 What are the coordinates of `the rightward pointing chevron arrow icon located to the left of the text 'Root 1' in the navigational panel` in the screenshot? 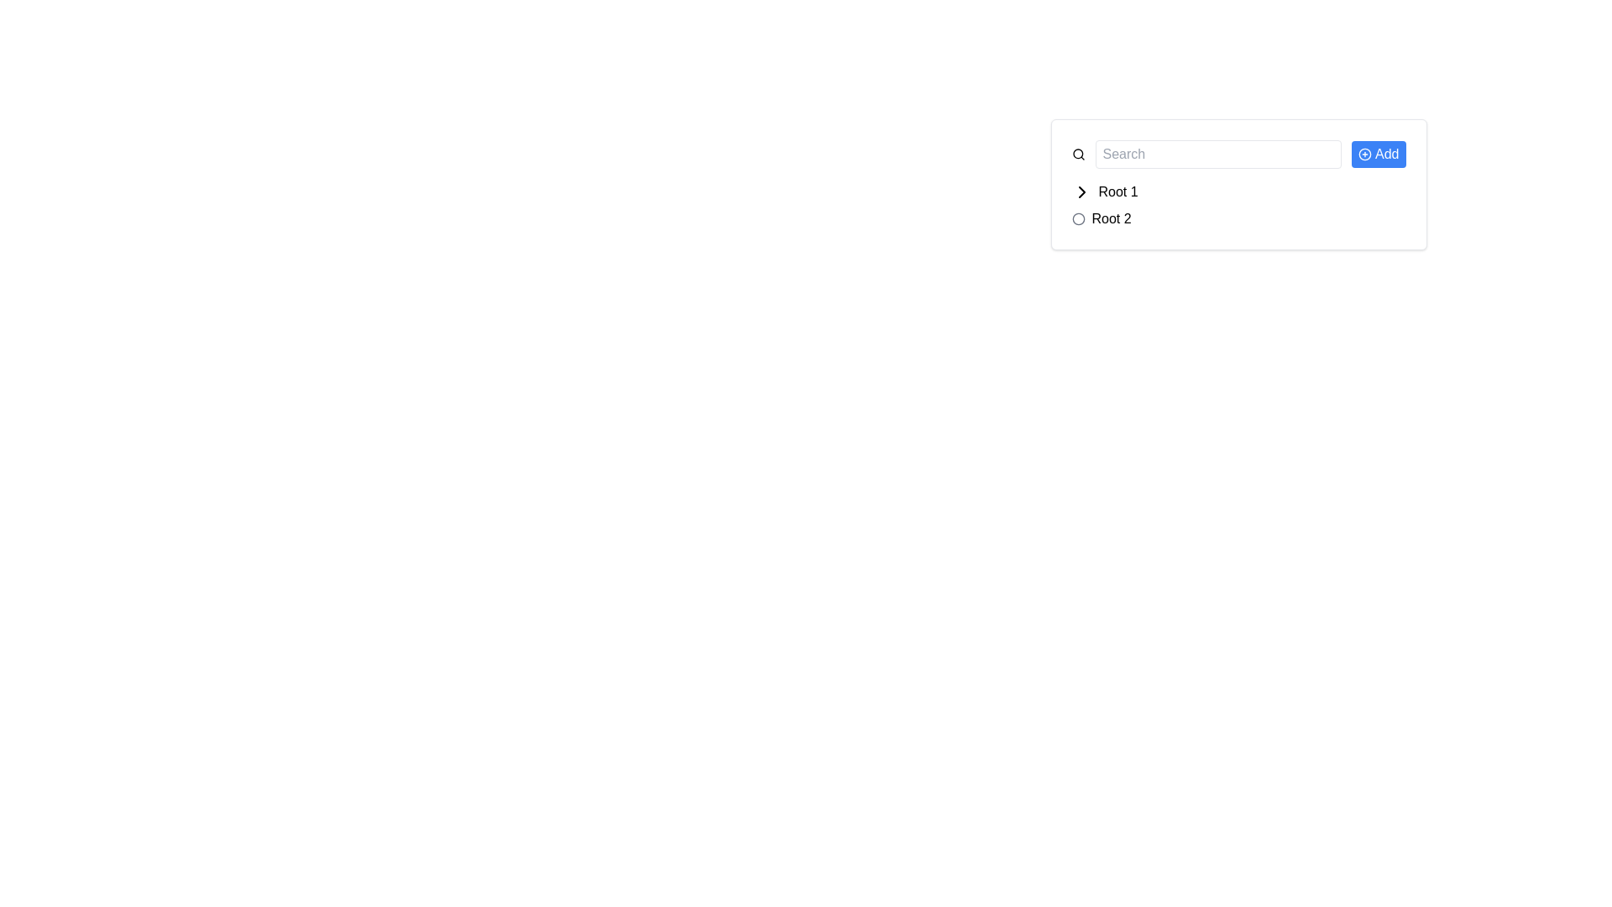 It's located at (1081, 191).